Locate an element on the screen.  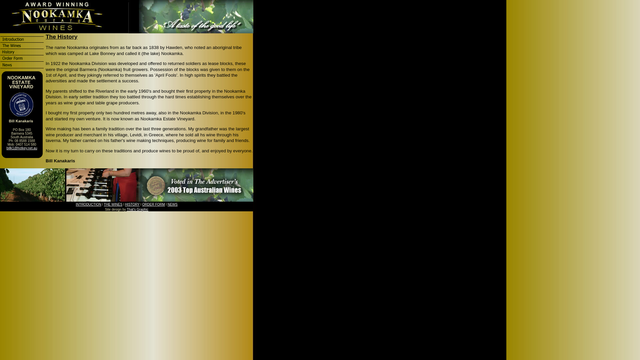
'ORDER FORM' is located at coordinates (153, 204).